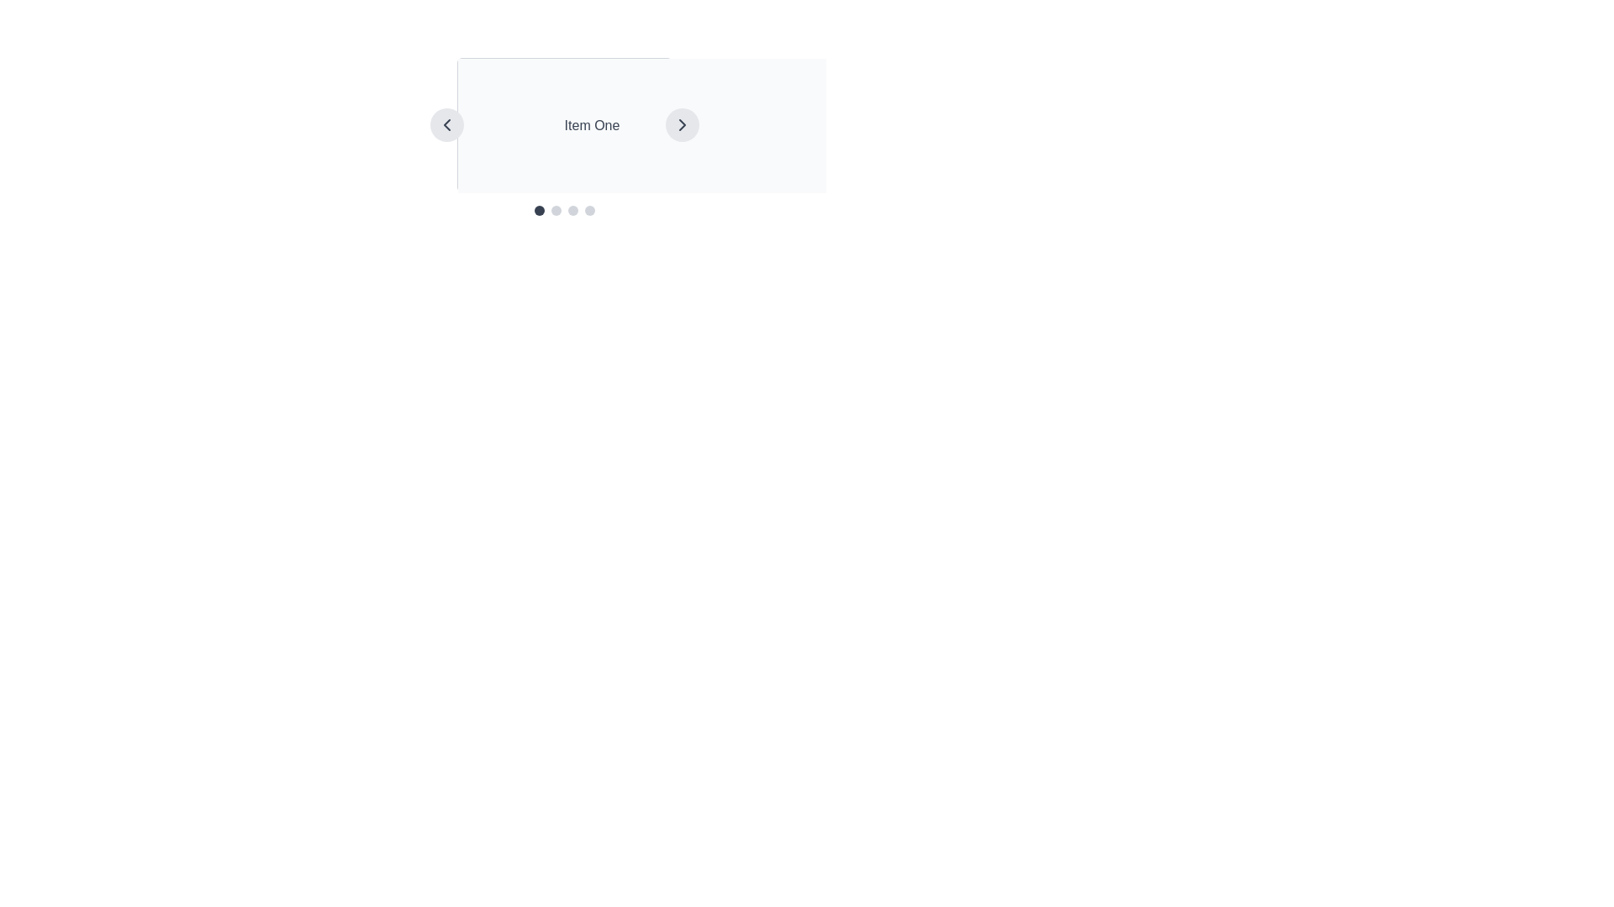 The width and height of the screenshot is (1614, 907). What do you see at coordinates (446, 124) in the screenshot?
I see `the left-pointing arrow icon within the navigation component adjacent to 'Item One'` at bounding box center [446, 124].